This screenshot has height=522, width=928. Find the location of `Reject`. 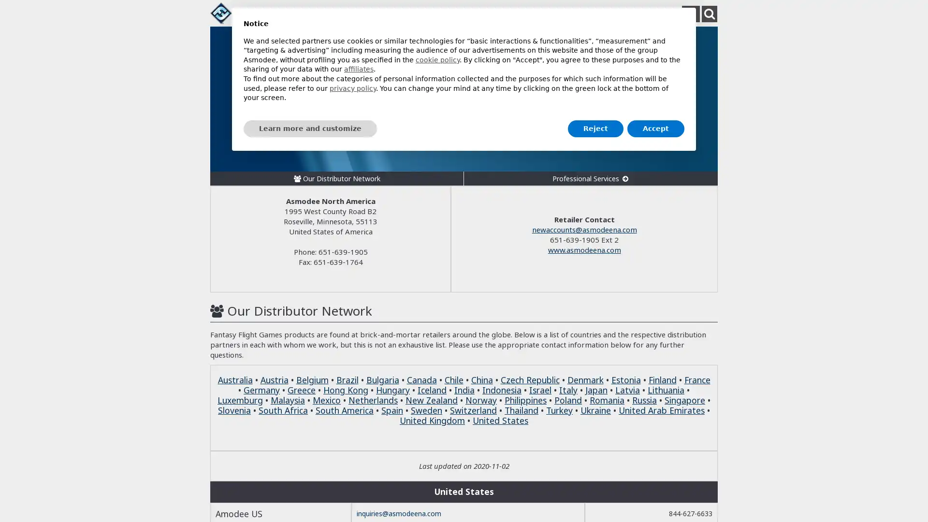

Reject is located at coordinates (595, 128).